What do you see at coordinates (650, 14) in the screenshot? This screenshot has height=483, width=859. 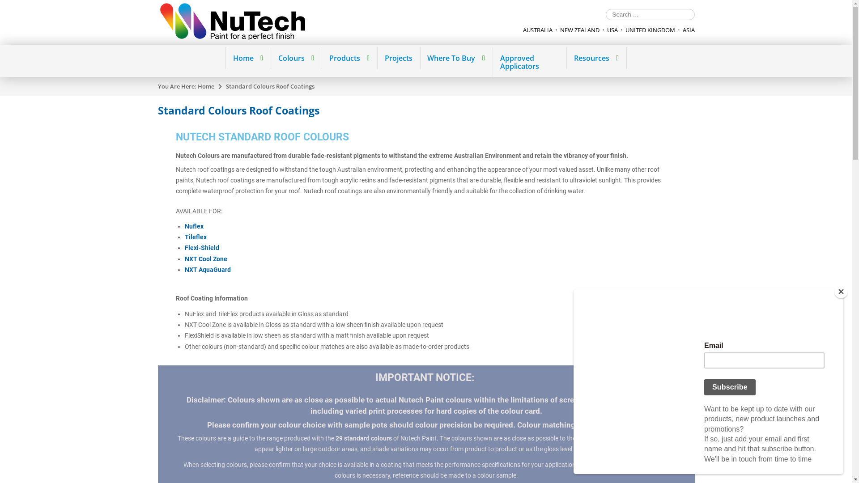 I see `'Search for:'` at bounding box center [650, 14].